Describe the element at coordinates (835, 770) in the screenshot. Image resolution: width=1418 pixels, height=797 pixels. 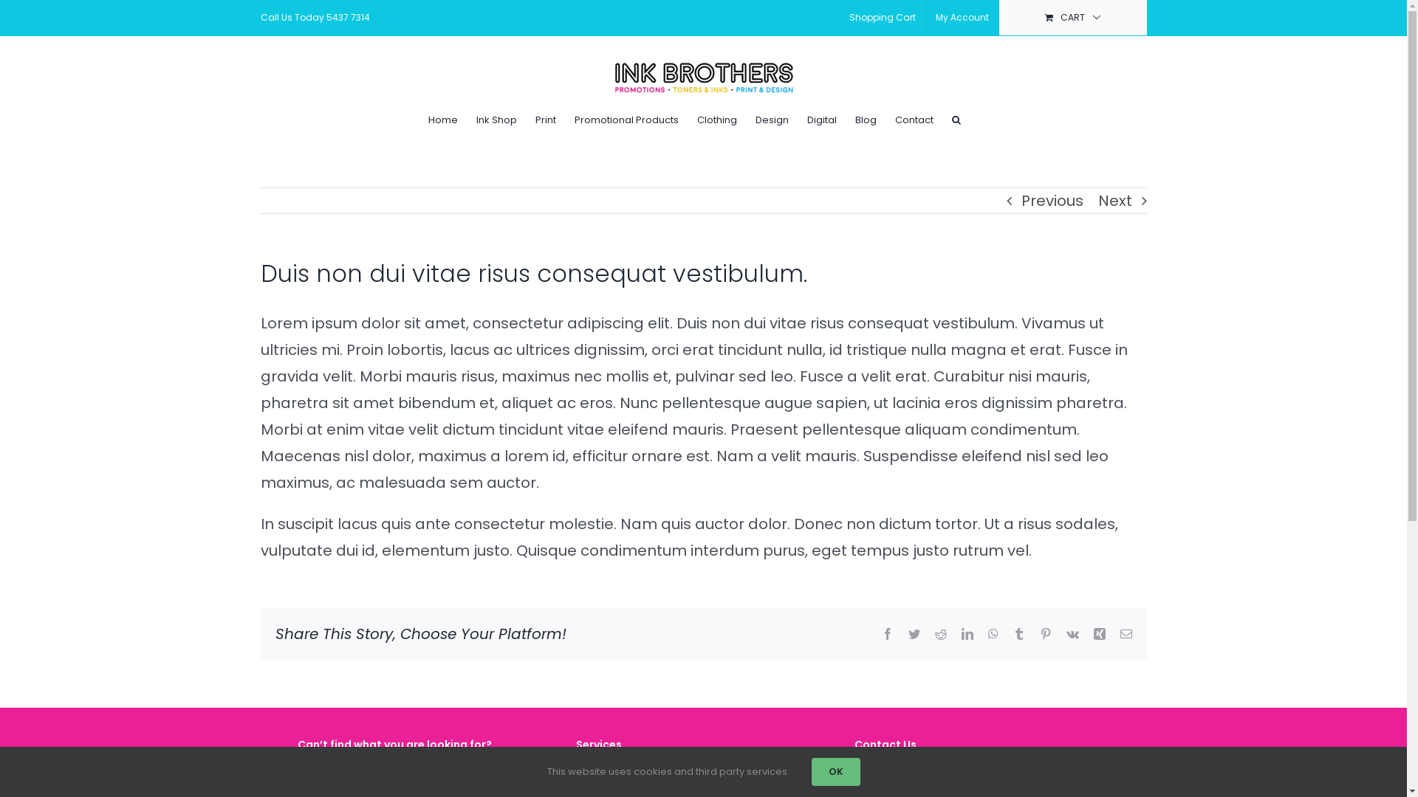
I see `'OK'` at that location.